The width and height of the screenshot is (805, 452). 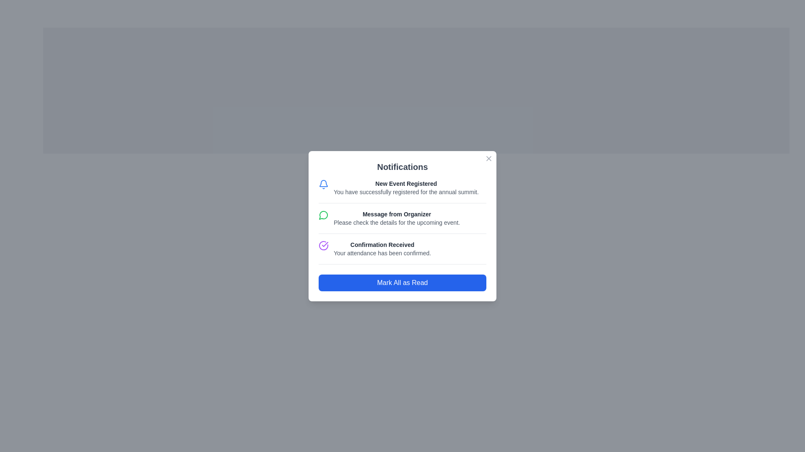 What do you see at coordinates (406, 192) in the screenshot?
I see `the static text label that provides additional context about the user's registration status for the event, located below the title 'New Event Registered' in the notifications popup` at bounding box center [406, 192].